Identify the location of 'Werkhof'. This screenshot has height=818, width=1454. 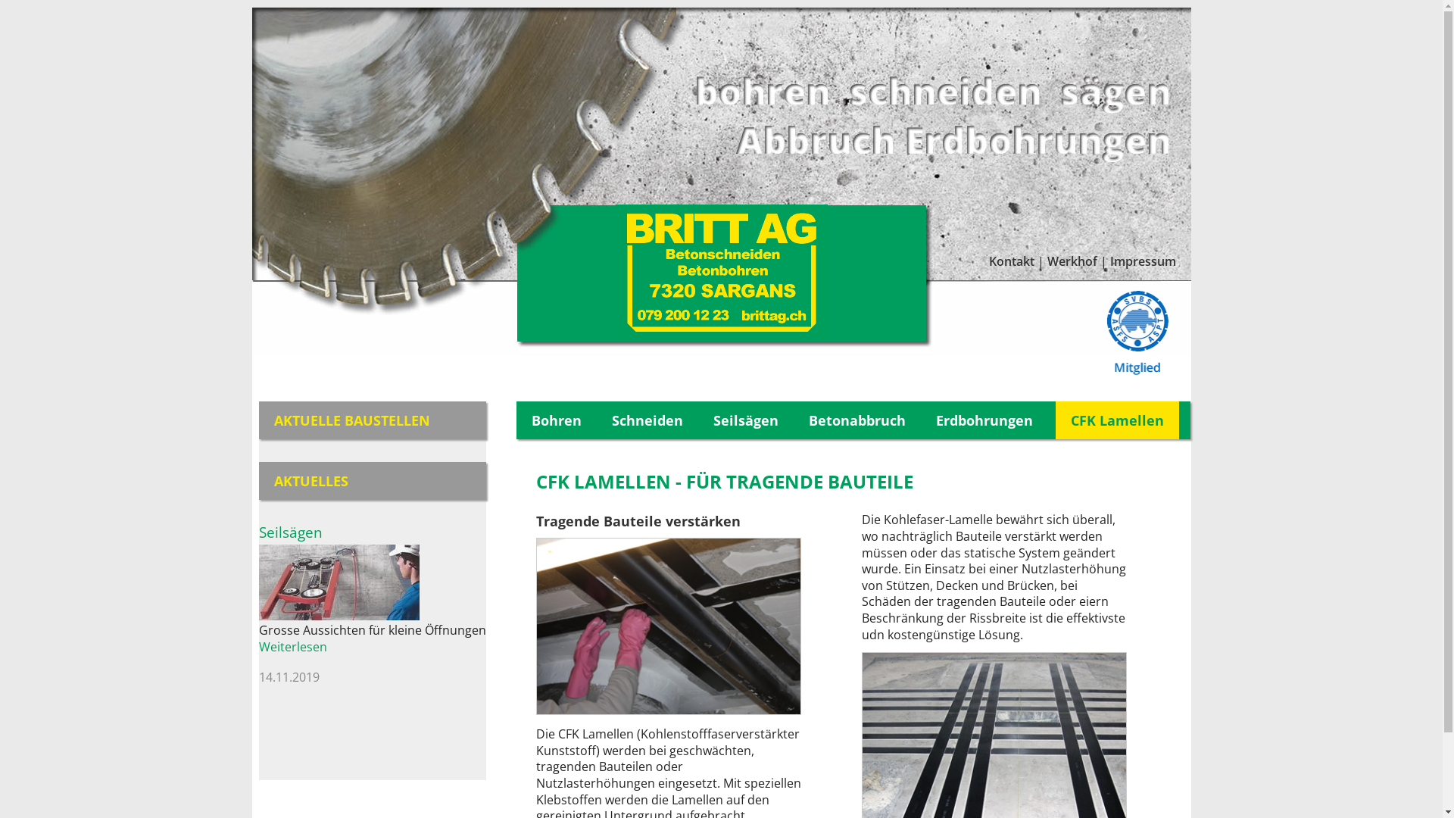
(1072, 260).